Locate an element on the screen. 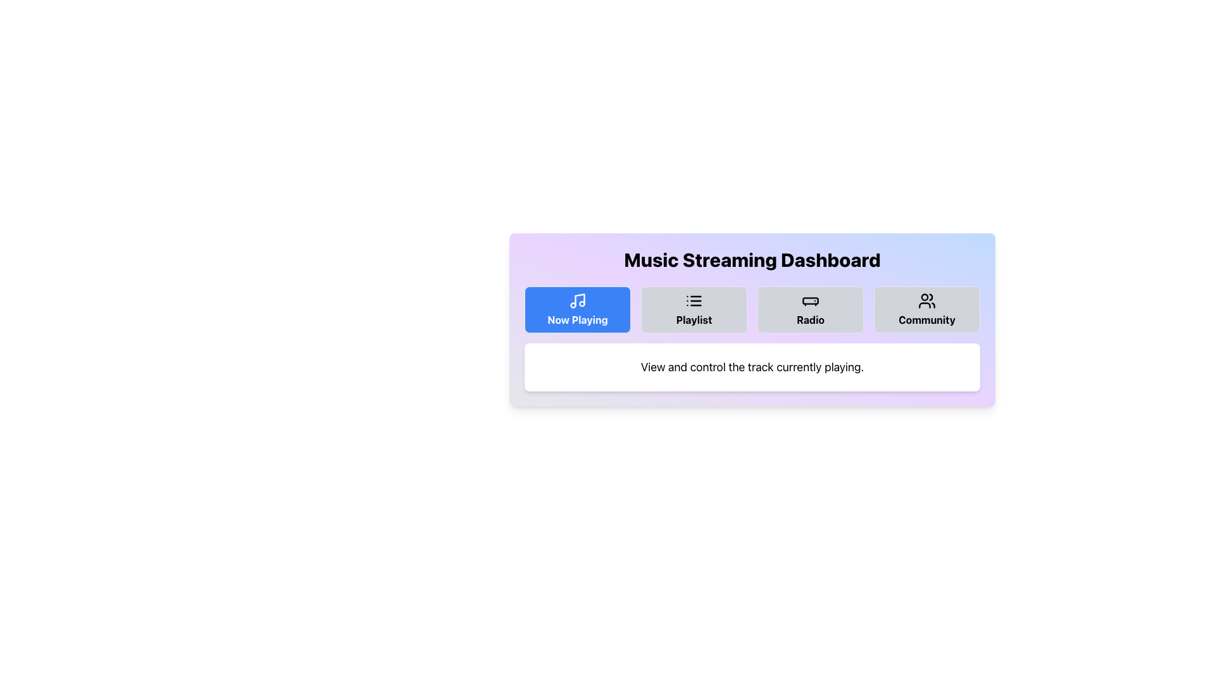  the Circle graphic in the 'Community' menu option, which serves as a status or notification indicator is located at coordinates (925, 297).